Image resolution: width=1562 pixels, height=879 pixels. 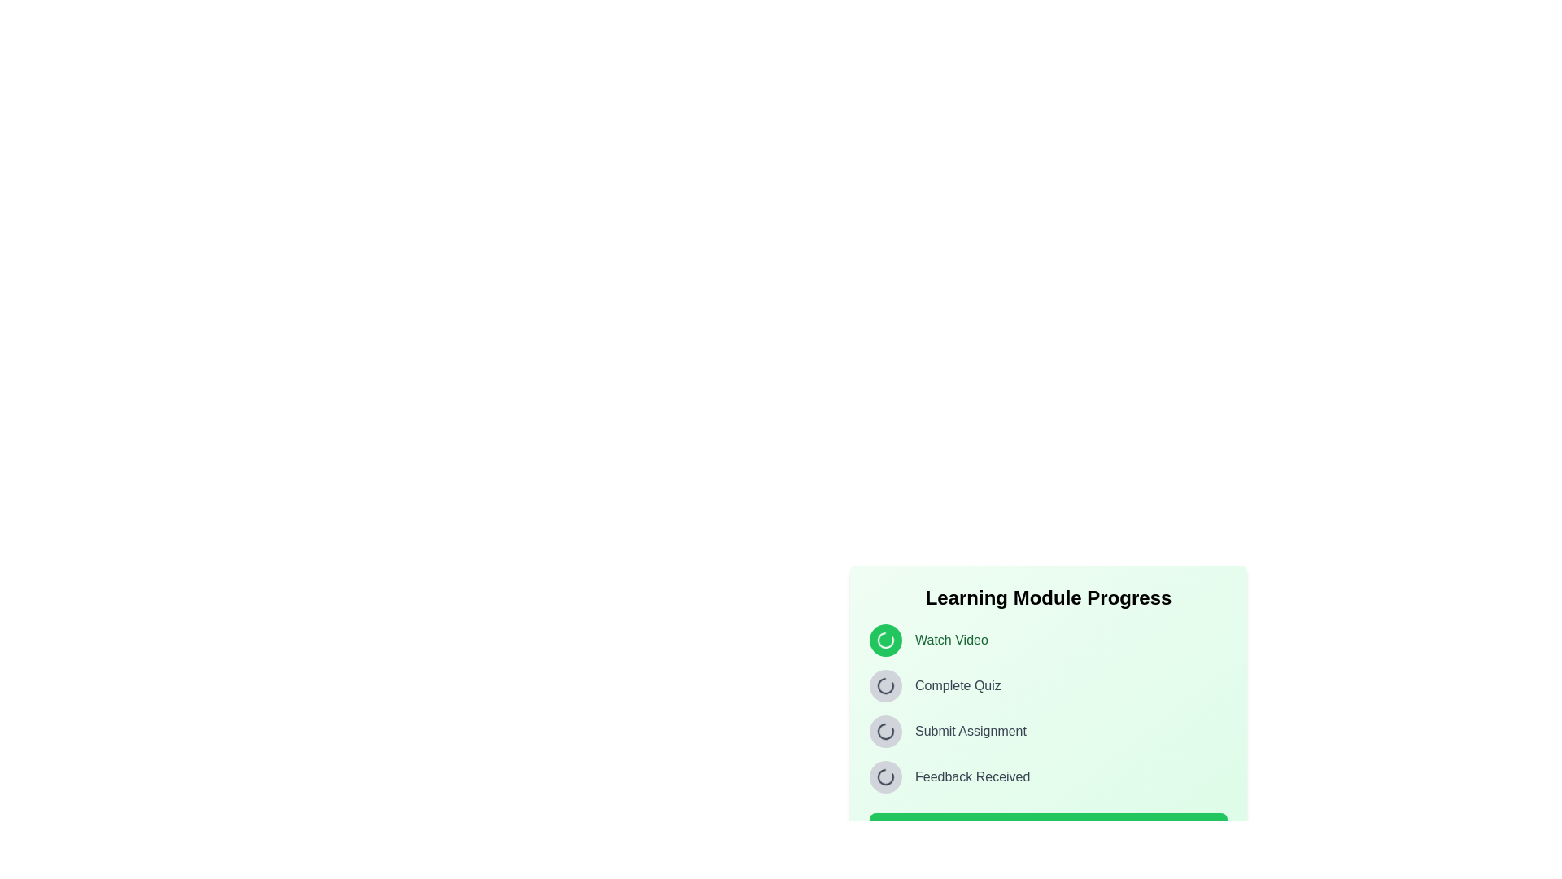 What do you see at coordinates (1049, 639) in the screenshot?
I see `the animation of the loading icon next to the 'Watch Video' text label in the Learning Module Progress section` at bounding box center [1049, 639].